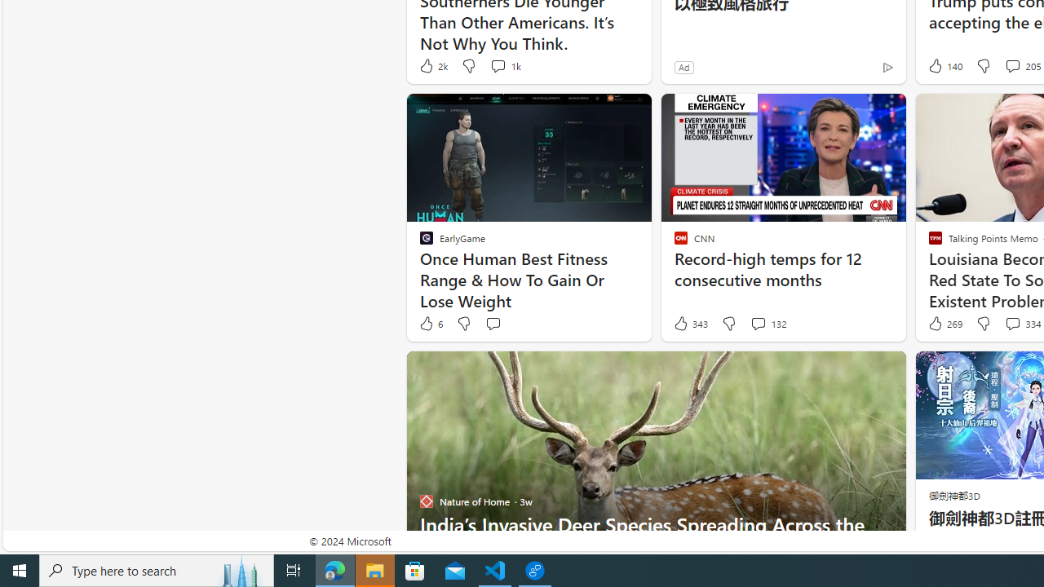 Image resolution: width=1044 pixels, height=587 pixels. Describe the element at coordinates (885, 371) in the screenshot. I see `'See more'` at that location.